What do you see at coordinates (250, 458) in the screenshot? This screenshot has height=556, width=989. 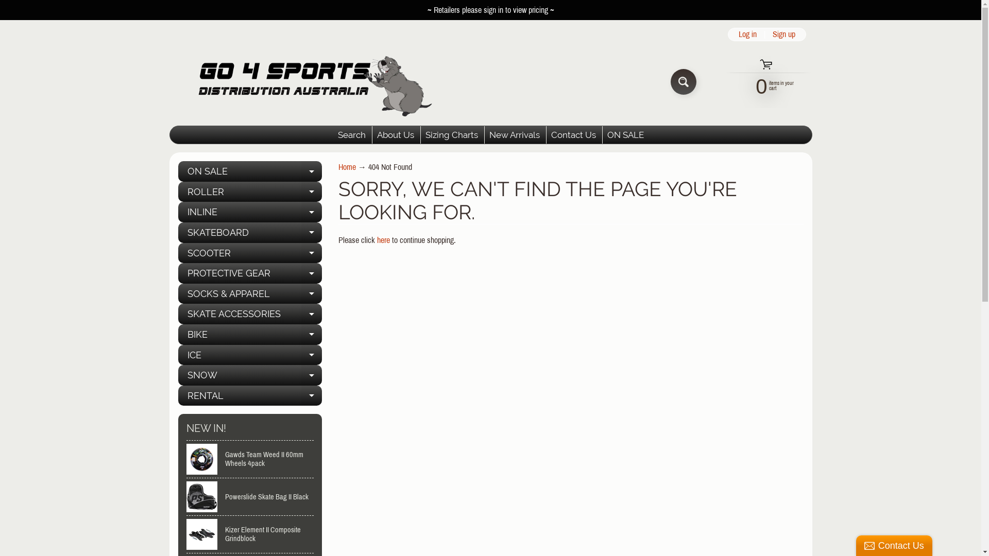 I see `'Gawds Team Weed II 60mm Wheels 4pack'` at bounding box center [250, 458].